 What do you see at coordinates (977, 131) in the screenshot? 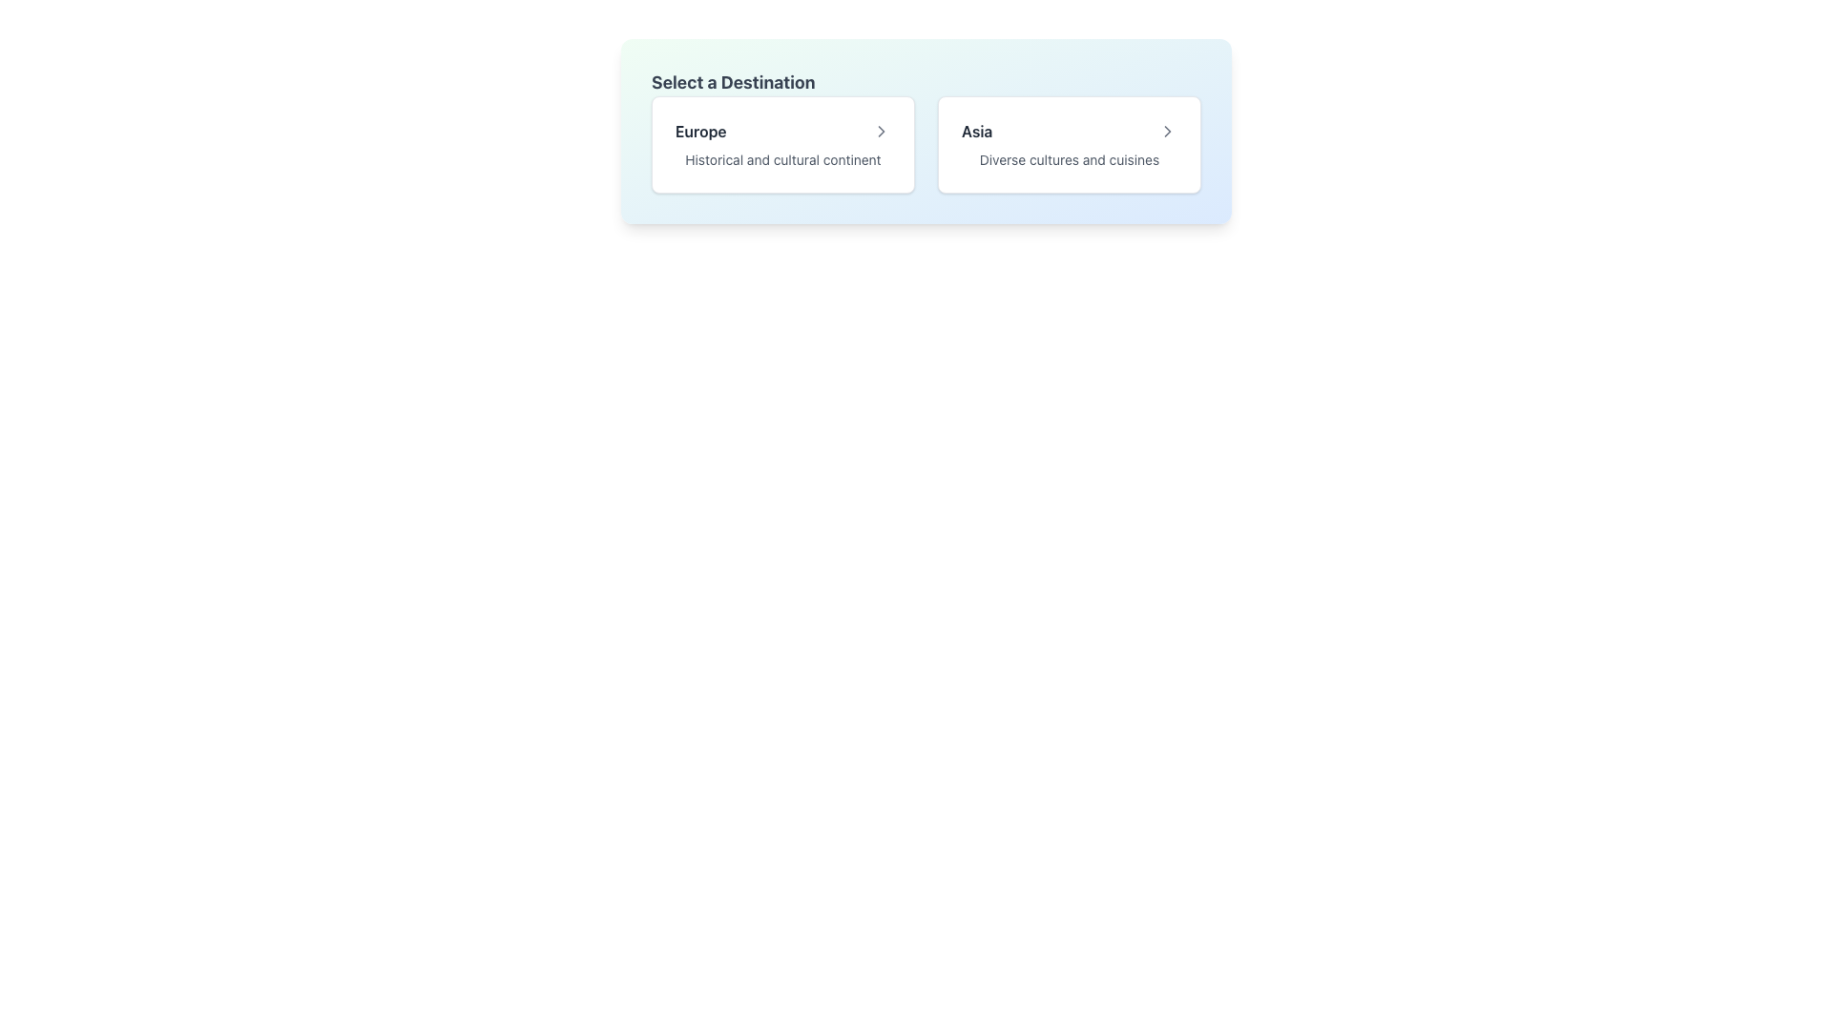
I see `text label 'Asia' which is positioned in the top-right area of a card-like layout, left-aligned with the descriptor 'Diverse cultures and cuisines'` at bounding box center [977, 131].